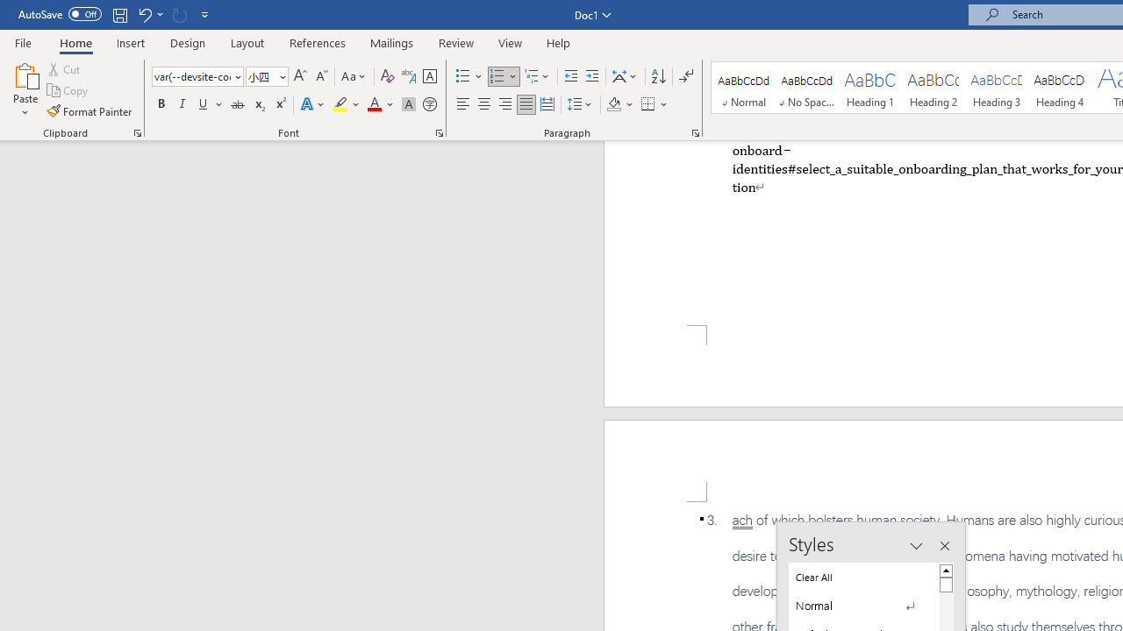 This screenshot has width=1123, height=631. Describe the element at coordinates (118, 14) in the screenshot. I see `'Save'` at that location.